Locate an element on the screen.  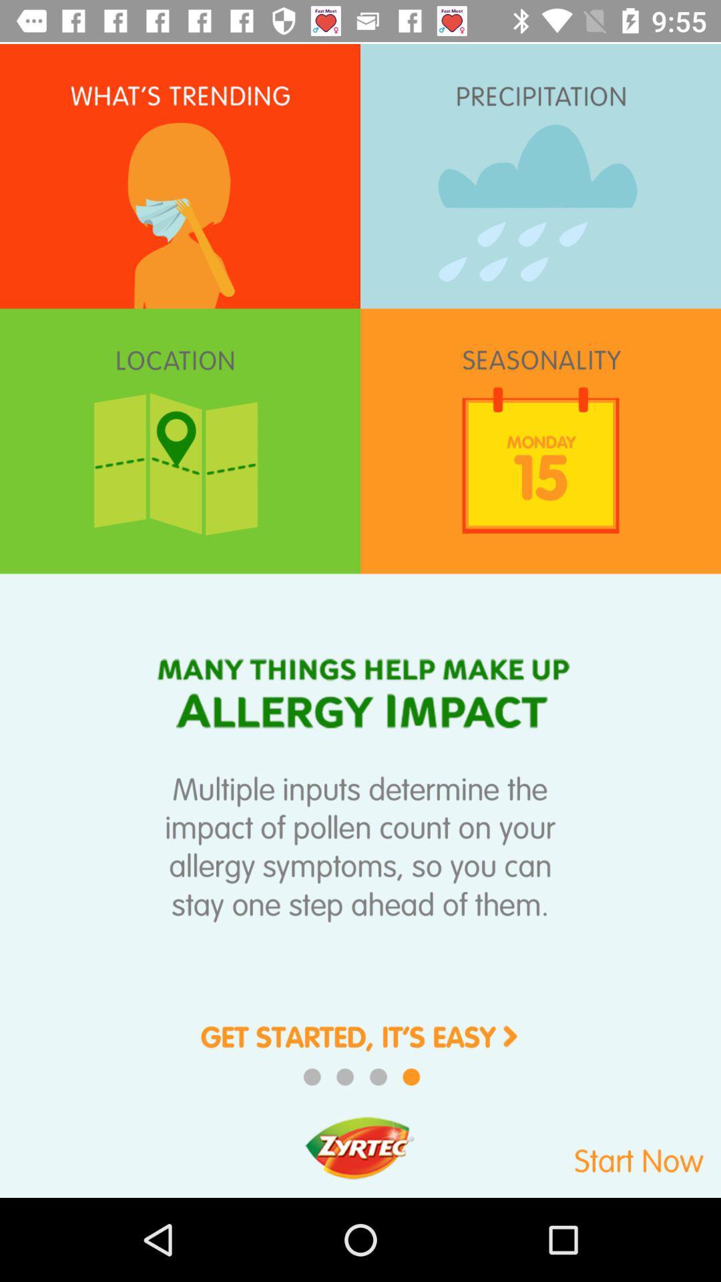
start using the app is located at coordinates (589, 1153).